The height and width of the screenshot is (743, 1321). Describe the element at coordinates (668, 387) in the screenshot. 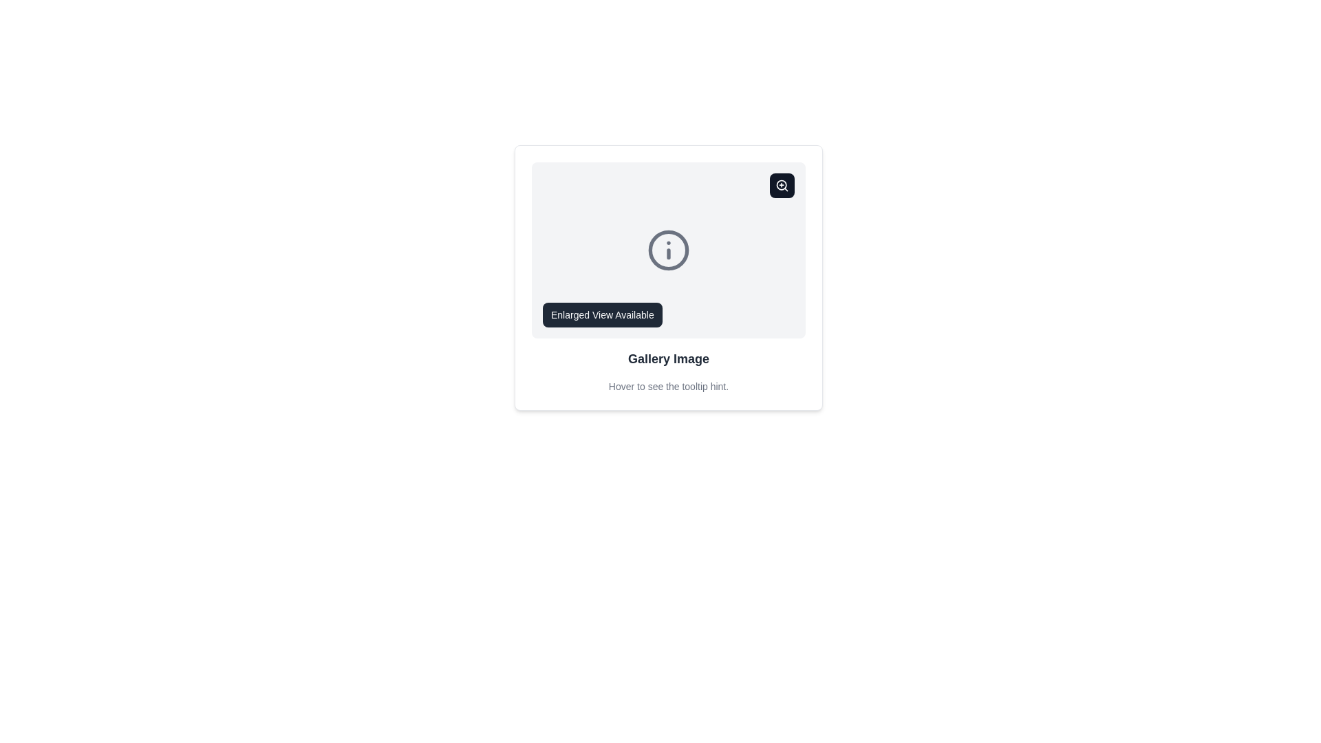

I see `the text label that informs the user about the availability of a tooltip, located beneath the 'Gallery Image' text` at that location.